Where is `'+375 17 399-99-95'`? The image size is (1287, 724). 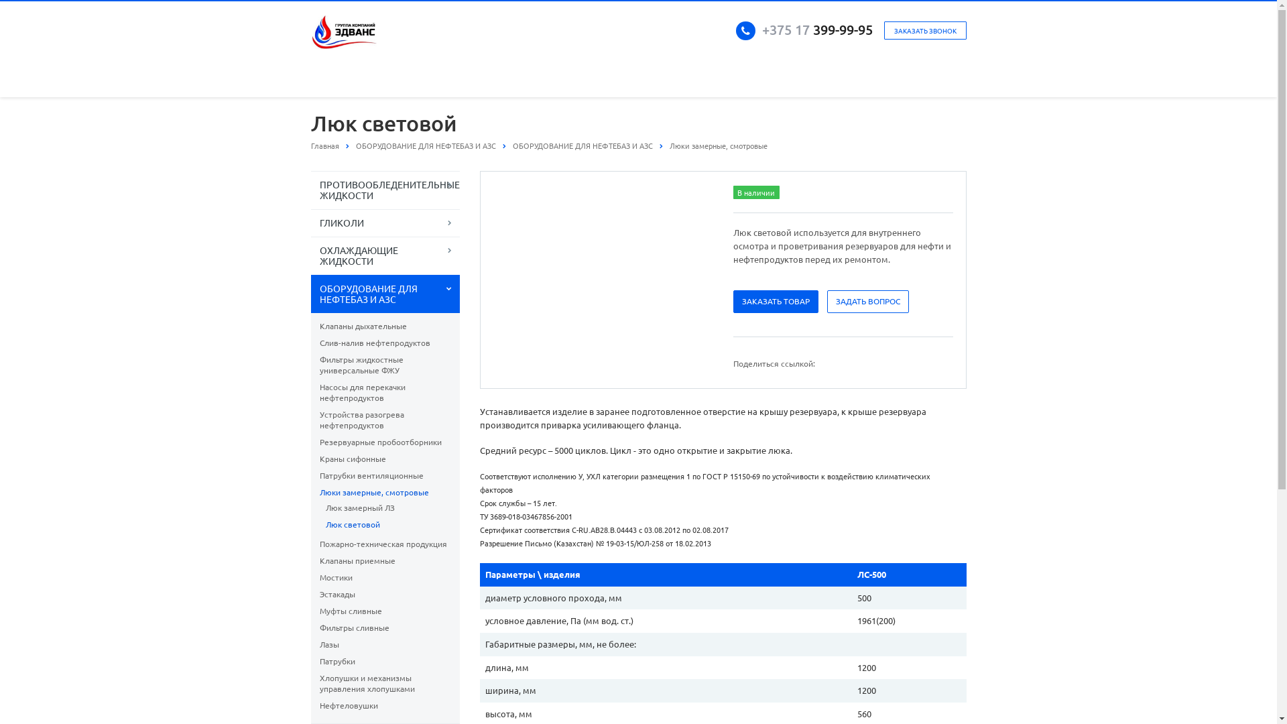
'+375 17 399-99-95' is located at coordinates (761, 29).